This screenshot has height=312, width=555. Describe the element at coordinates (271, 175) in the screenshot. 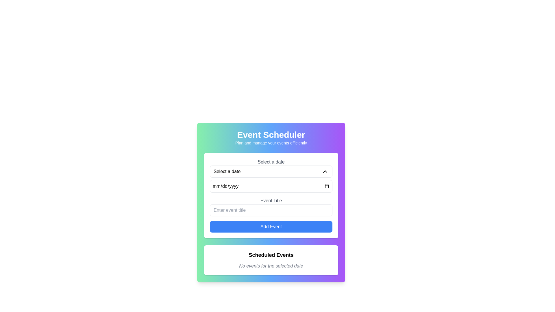

I see `the date selection input field in the 'Event Scheduler' card to focus on it` at that location.